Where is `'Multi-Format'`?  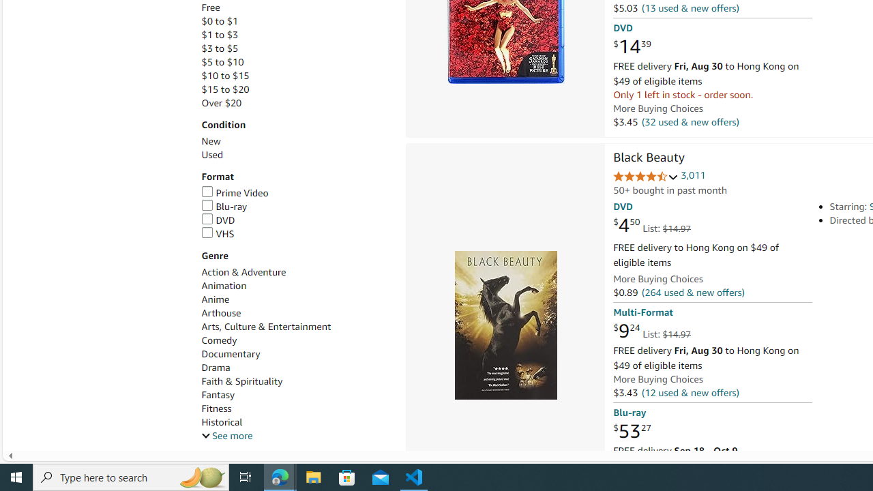
'Multi-Format' is located at coordinates (642, 312).